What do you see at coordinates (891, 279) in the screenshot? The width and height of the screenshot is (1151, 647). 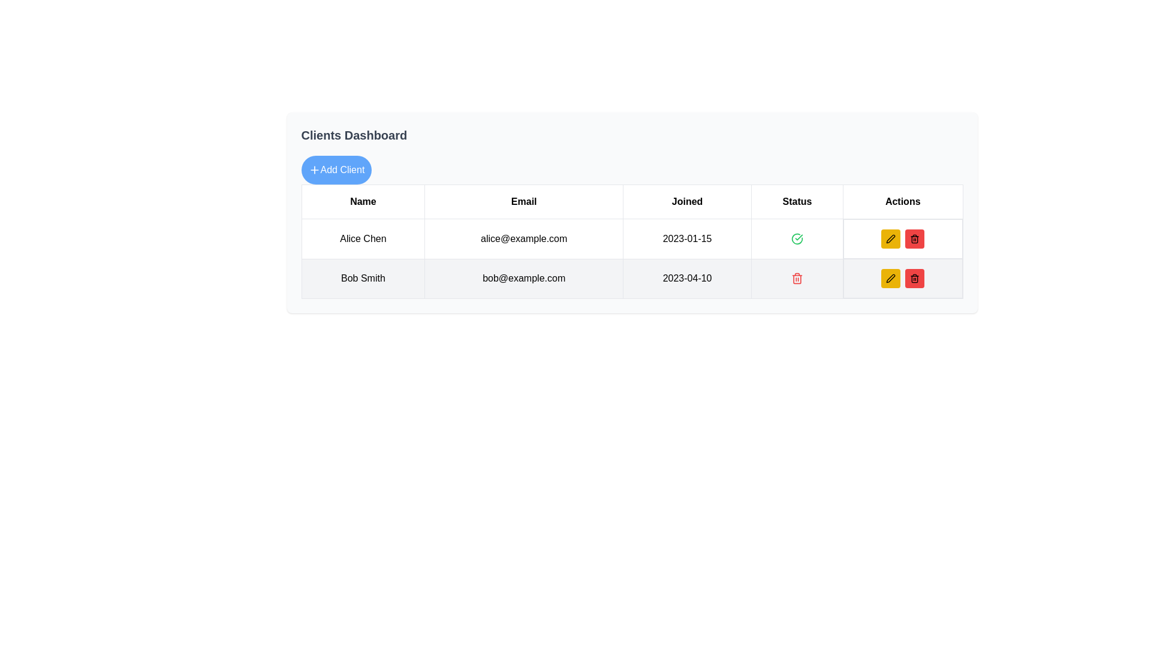 I see `the edit button located in the 'Actions' column of the second row in the table to initiate the editing process` at bounding box center [891, 279].